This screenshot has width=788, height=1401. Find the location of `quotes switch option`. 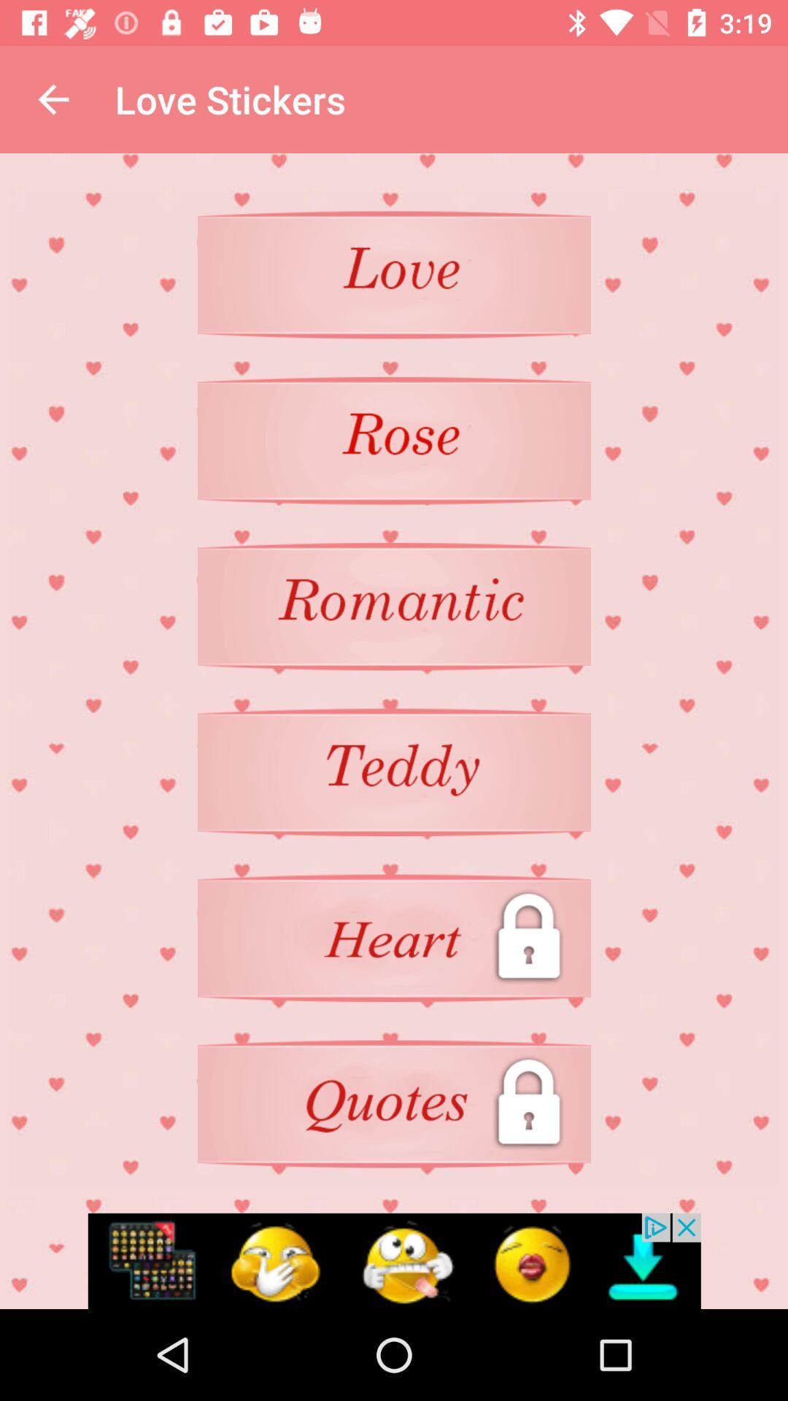

quotes switch option is located at coordinates (394, 1104).